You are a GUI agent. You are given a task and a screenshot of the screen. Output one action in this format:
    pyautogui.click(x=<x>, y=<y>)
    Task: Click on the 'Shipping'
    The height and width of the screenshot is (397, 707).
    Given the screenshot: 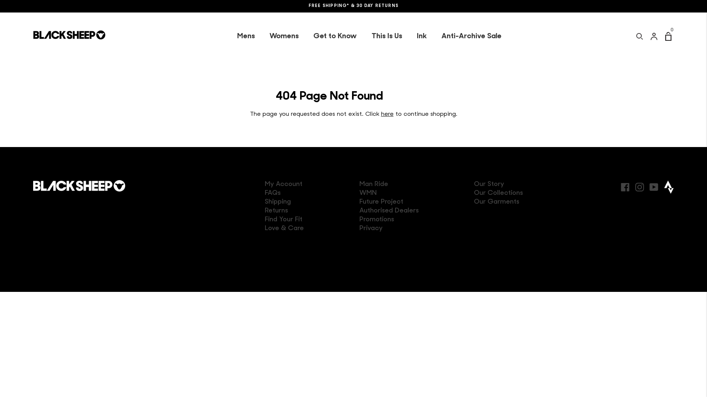 What is the action you would take?
    pyautogui.click(x=277, y=202)
    